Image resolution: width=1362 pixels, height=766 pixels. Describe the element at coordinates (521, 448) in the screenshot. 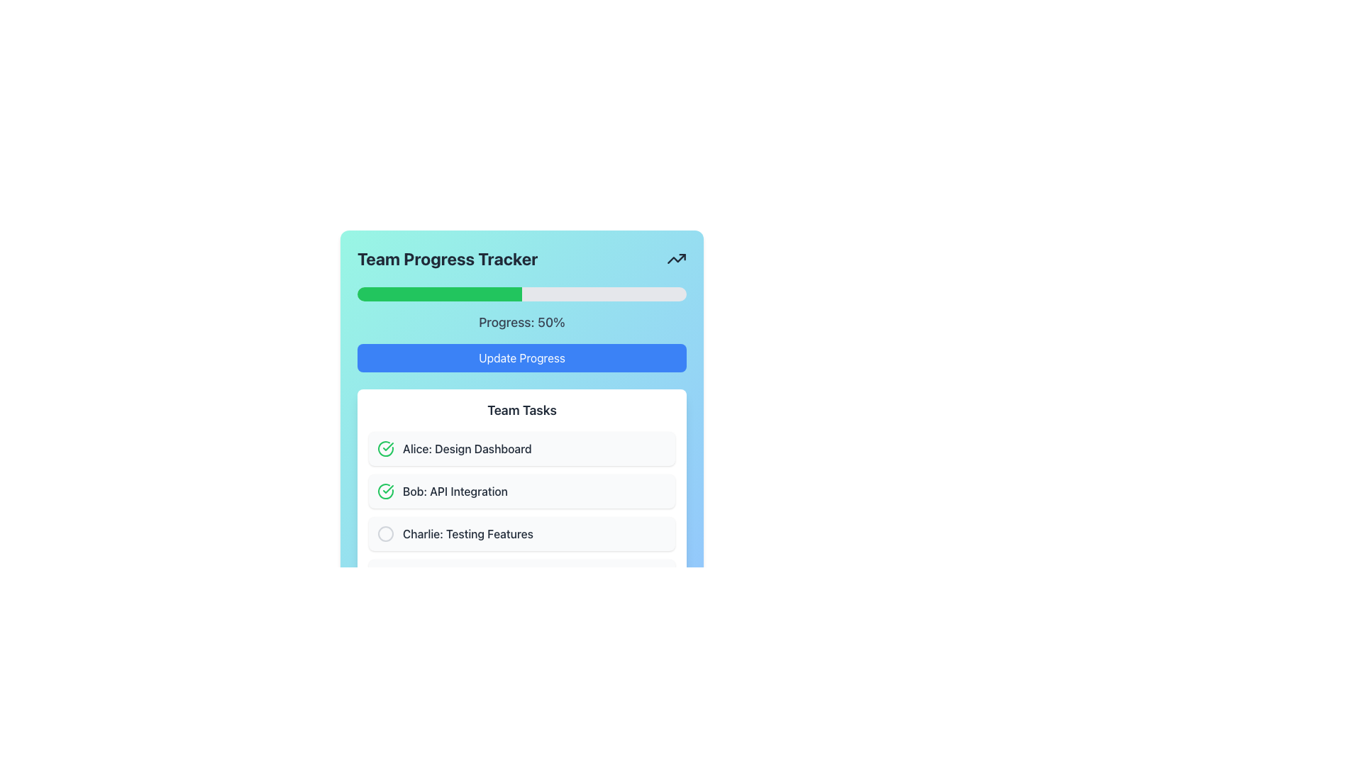

I see `the completed task list item titled 'Alice: Design Dashboard'` at that location.